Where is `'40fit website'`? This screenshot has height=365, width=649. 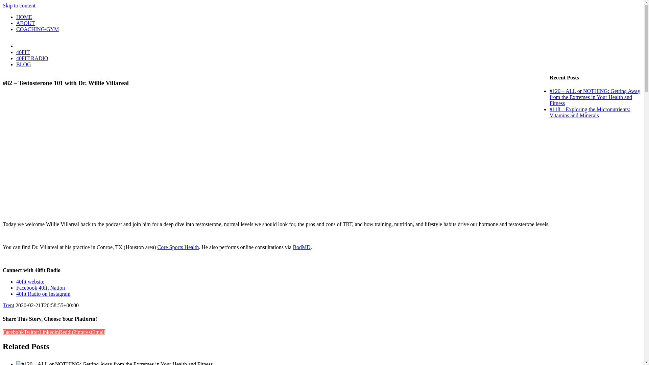
'40fit website' is located at coordinates (30, 282).